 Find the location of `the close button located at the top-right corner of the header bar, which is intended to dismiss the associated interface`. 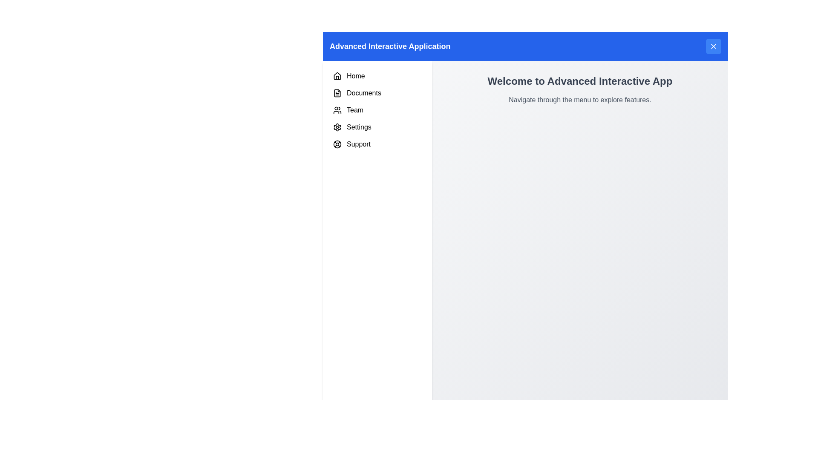

the close button located at the top-right corner of the header bar, which is intended to dismiss the associated interface is located at coordinates (714, 46).